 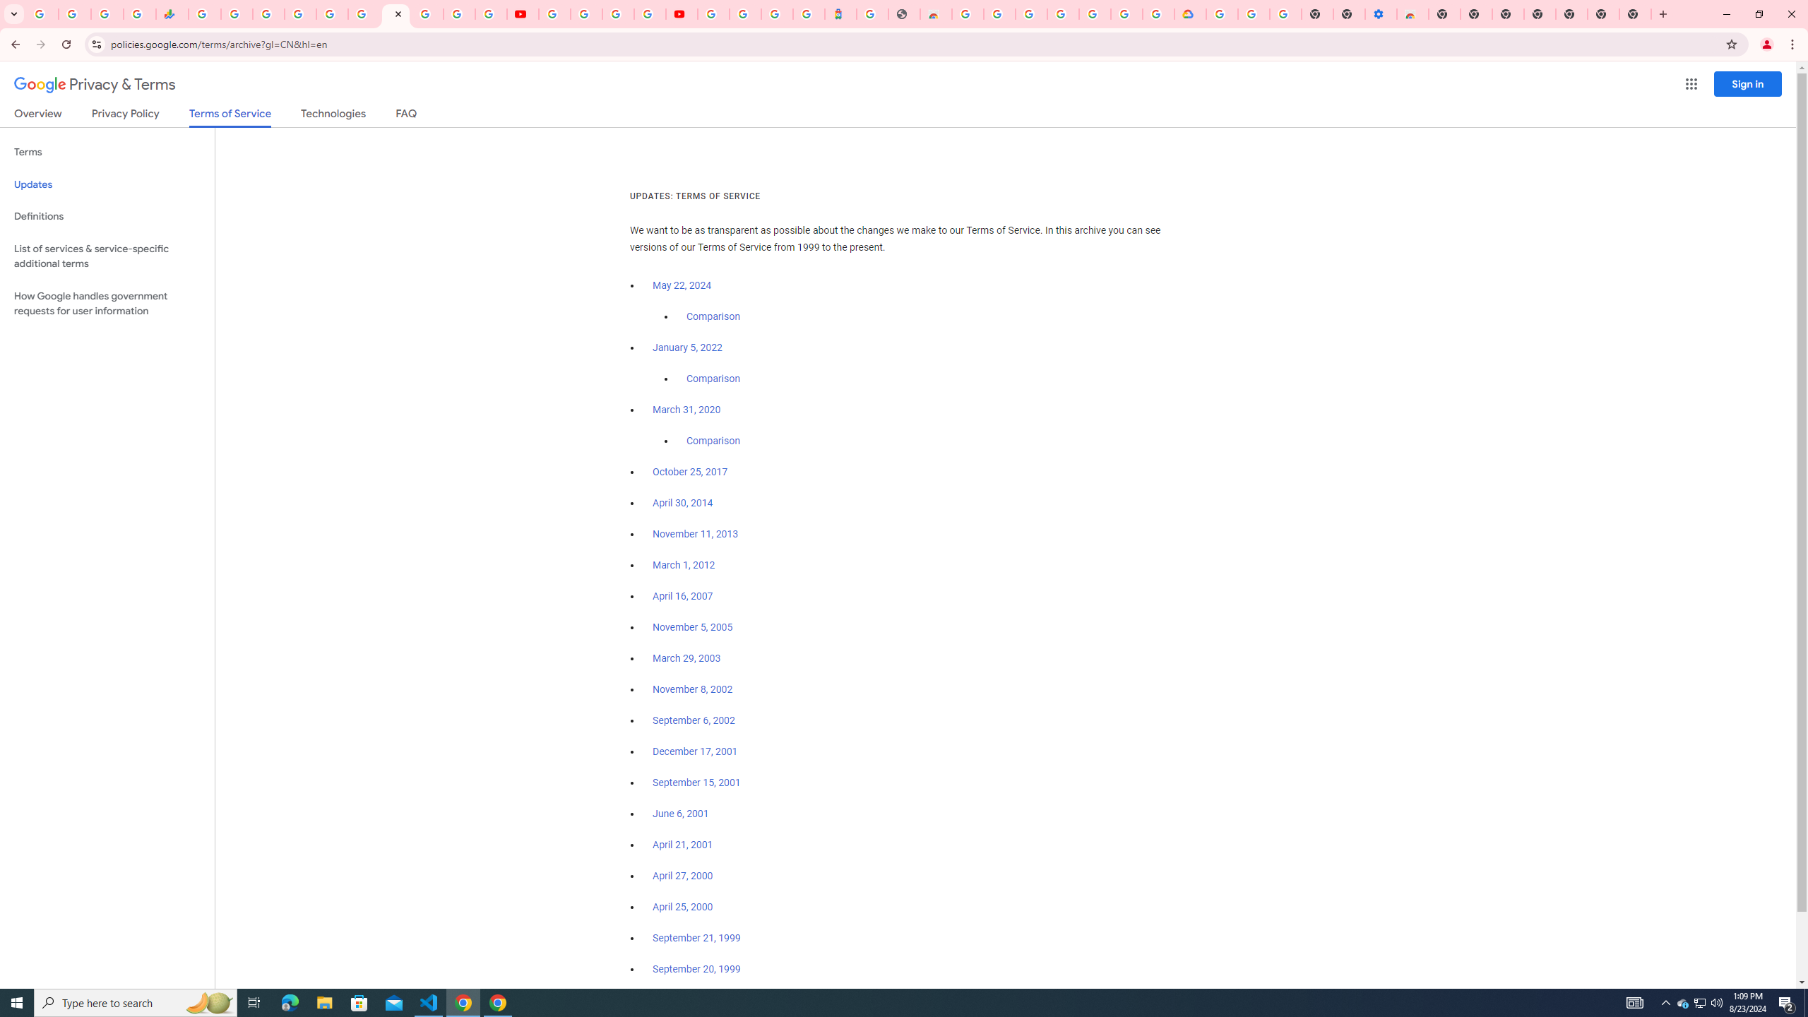 What do you see at coordinates (682, 503) in the screenshot?
I see `'April 30, 2014'` at bounding box center [682, 503].